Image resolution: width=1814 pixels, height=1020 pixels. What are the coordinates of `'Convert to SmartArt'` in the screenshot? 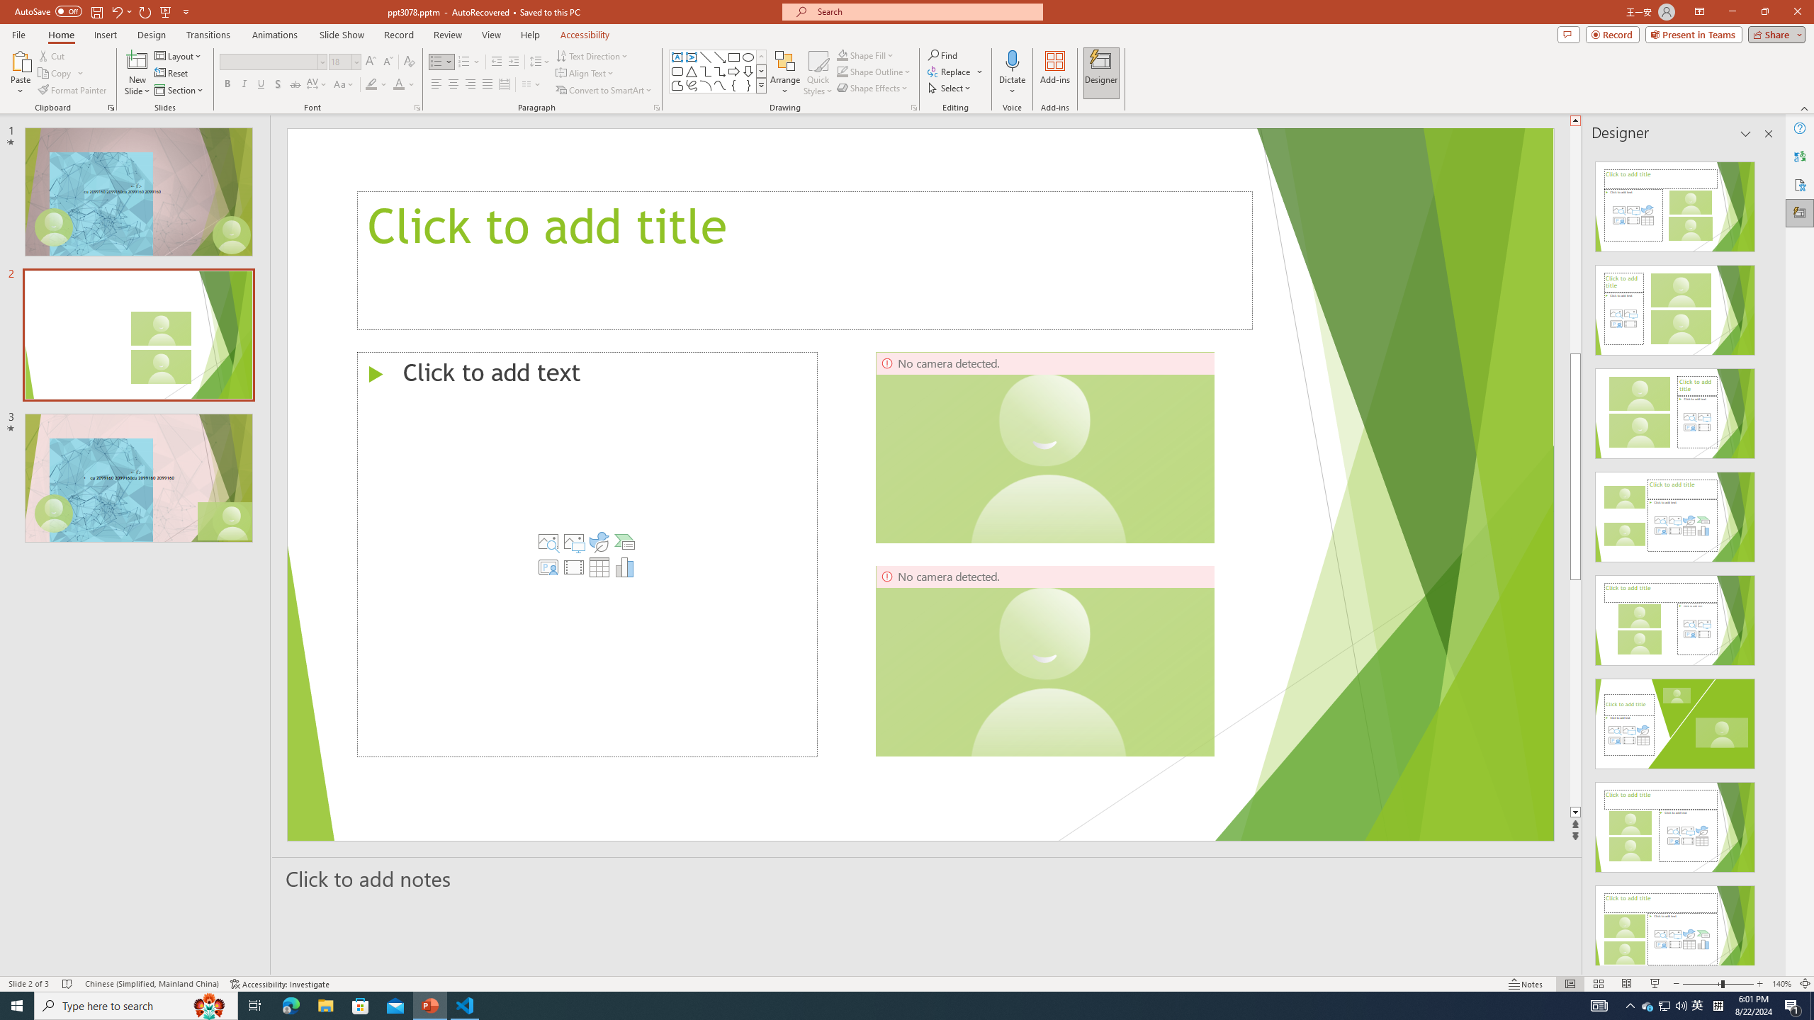 It's located at (604, 90).